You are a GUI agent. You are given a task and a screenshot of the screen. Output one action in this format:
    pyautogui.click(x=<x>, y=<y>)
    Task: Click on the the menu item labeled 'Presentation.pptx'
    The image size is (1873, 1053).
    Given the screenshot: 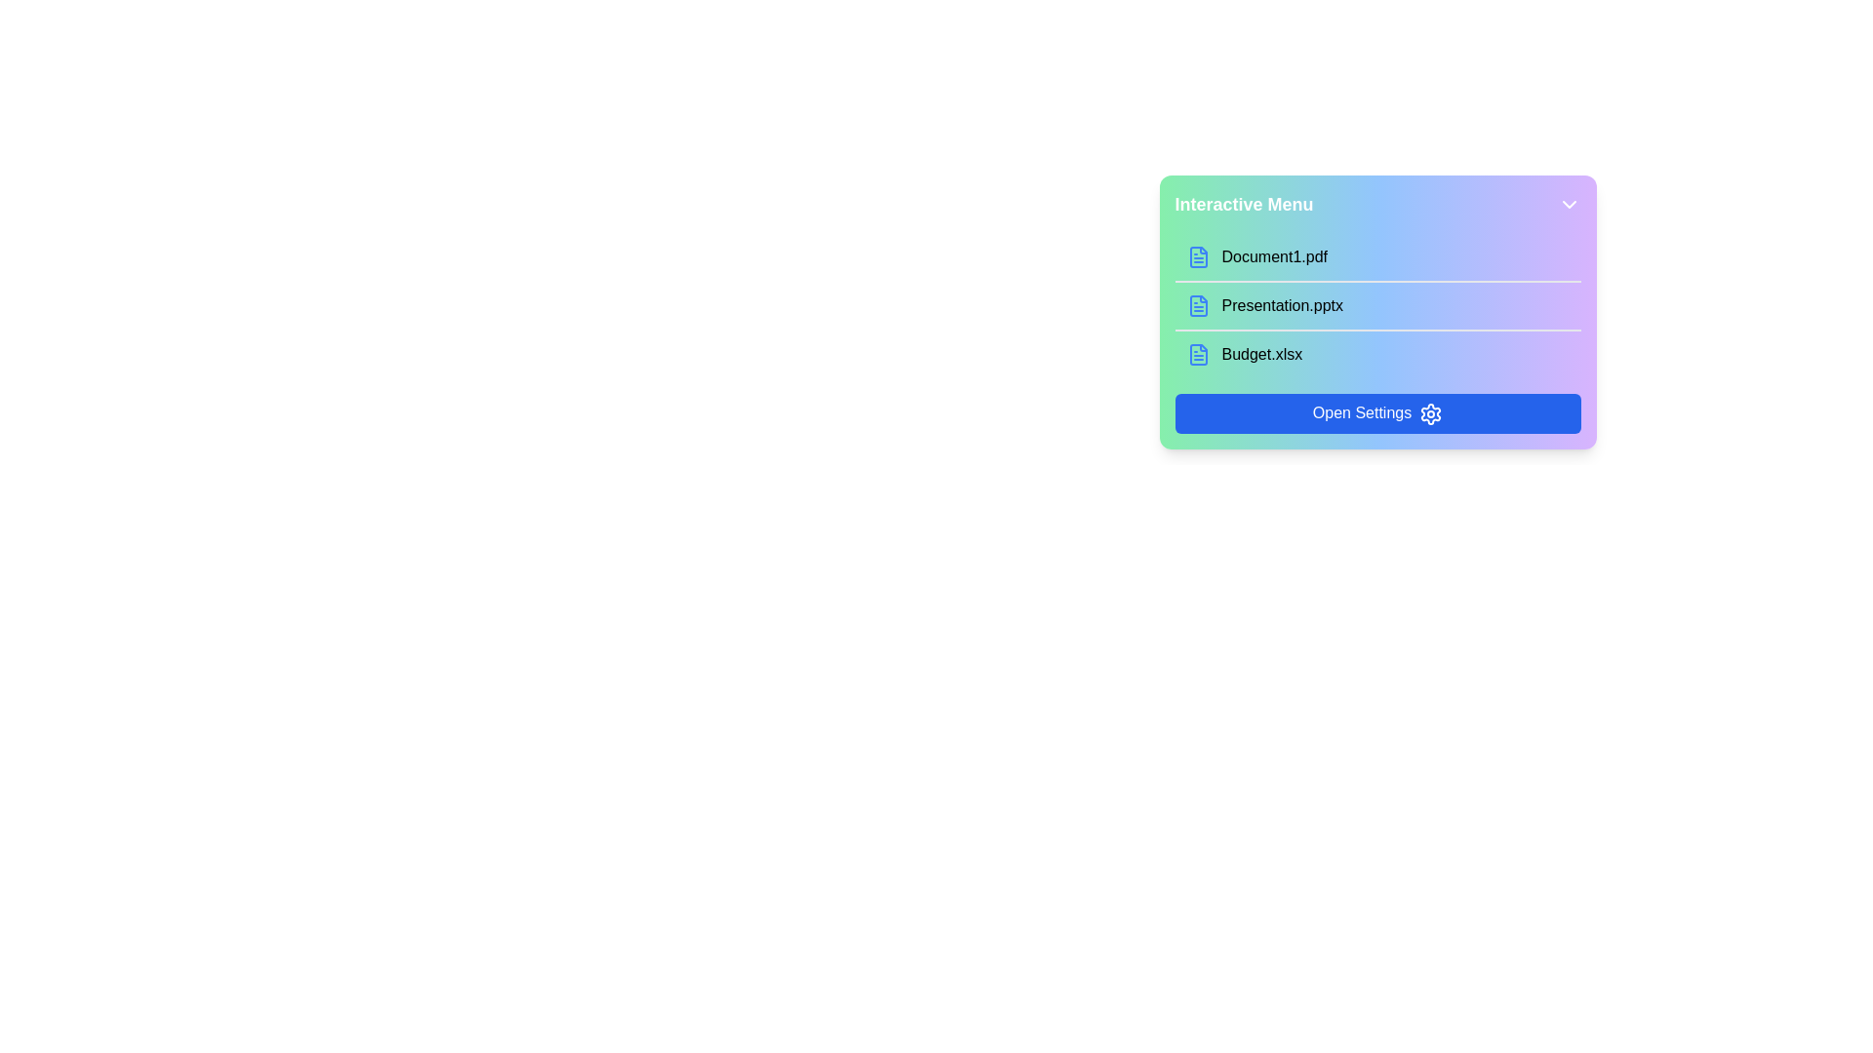 What is the action you would take?
    pyautogui.click(x=1376, y=304)
    